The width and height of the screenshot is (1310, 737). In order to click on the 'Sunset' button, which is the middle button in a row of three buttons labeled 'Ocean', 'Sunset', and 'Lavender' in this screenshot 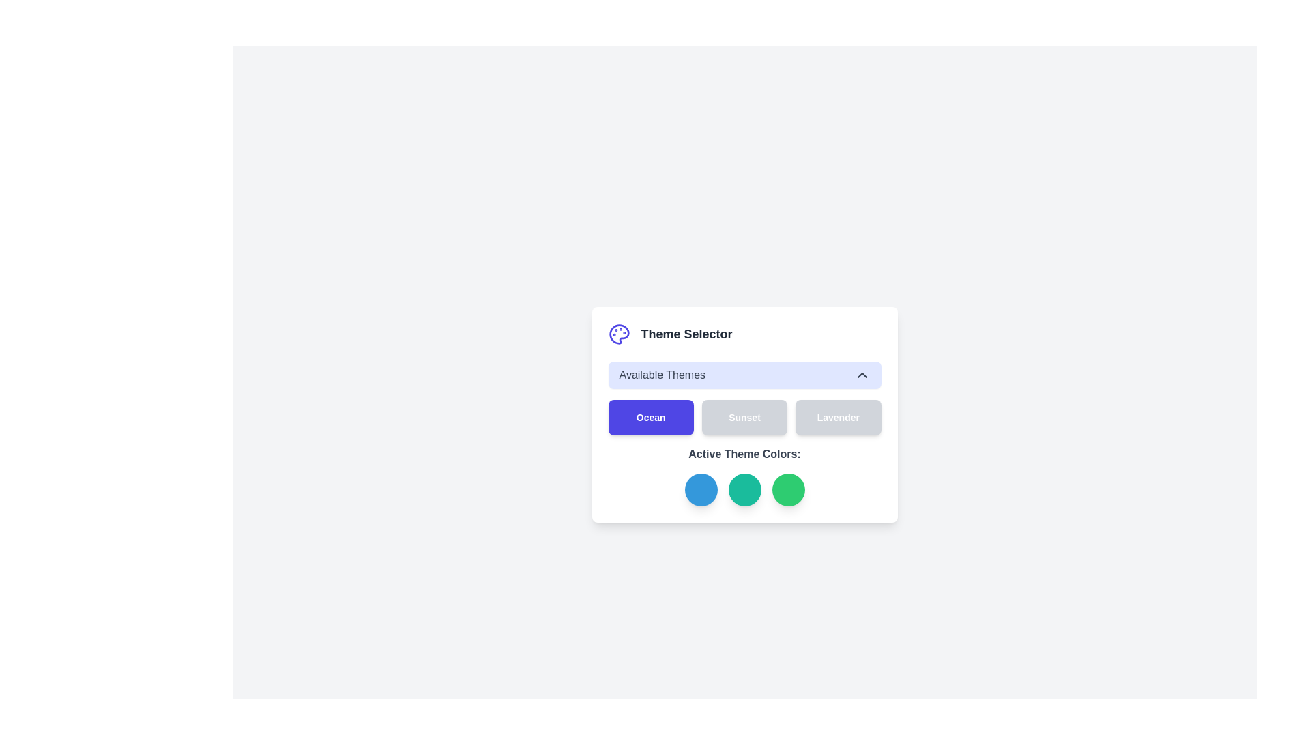, I will do `click(744, 417)`.